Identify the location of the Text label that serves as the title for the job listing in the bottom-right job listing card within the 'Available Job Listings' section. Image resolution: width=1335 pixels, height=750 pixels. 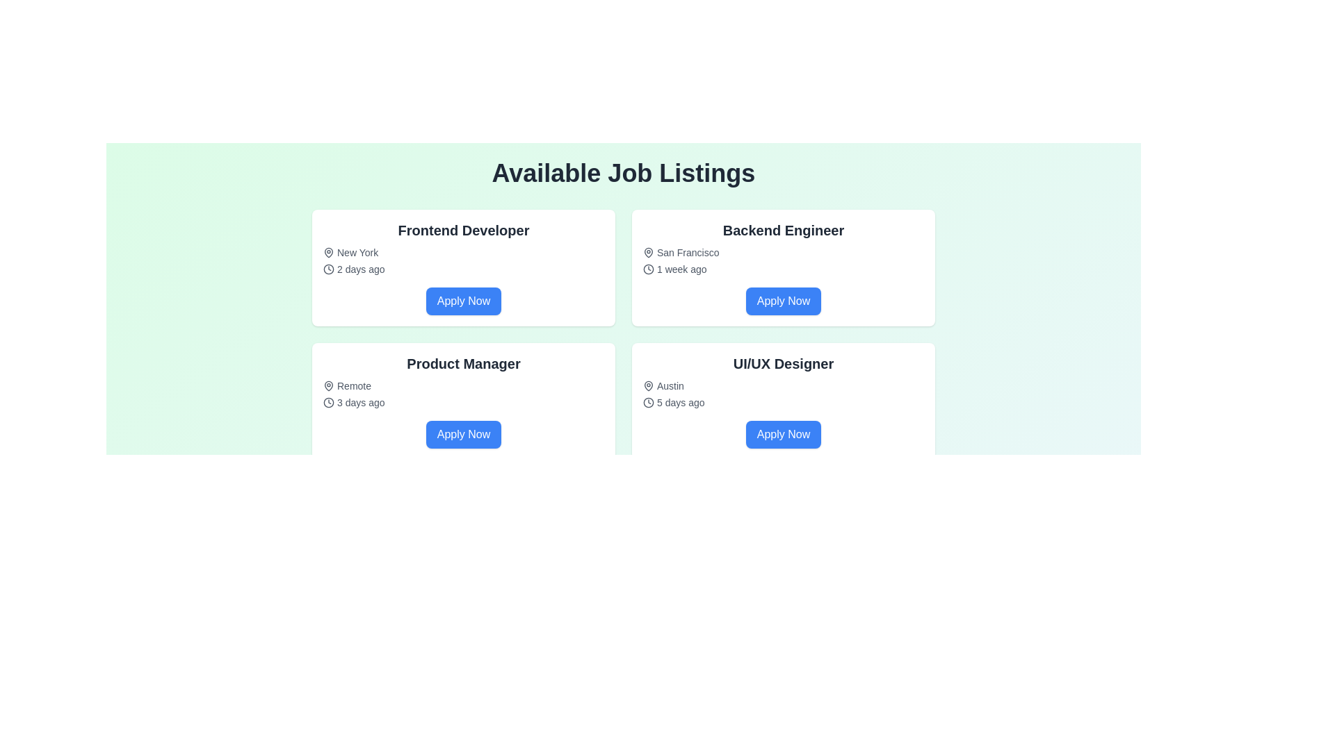
(784, 363).